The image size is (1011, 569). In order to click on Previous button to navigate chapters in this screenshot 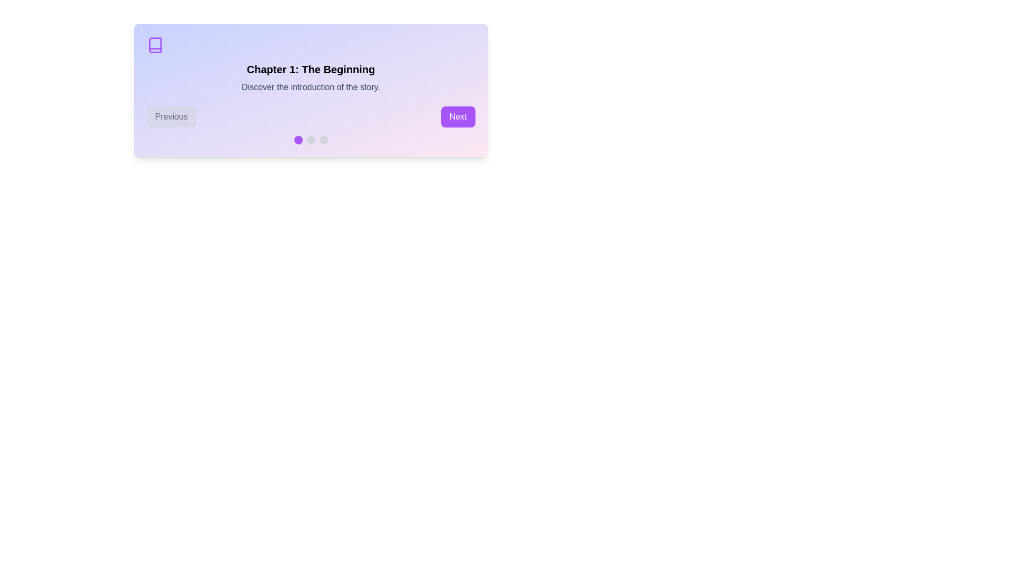, I will do `click(171, 117)`.